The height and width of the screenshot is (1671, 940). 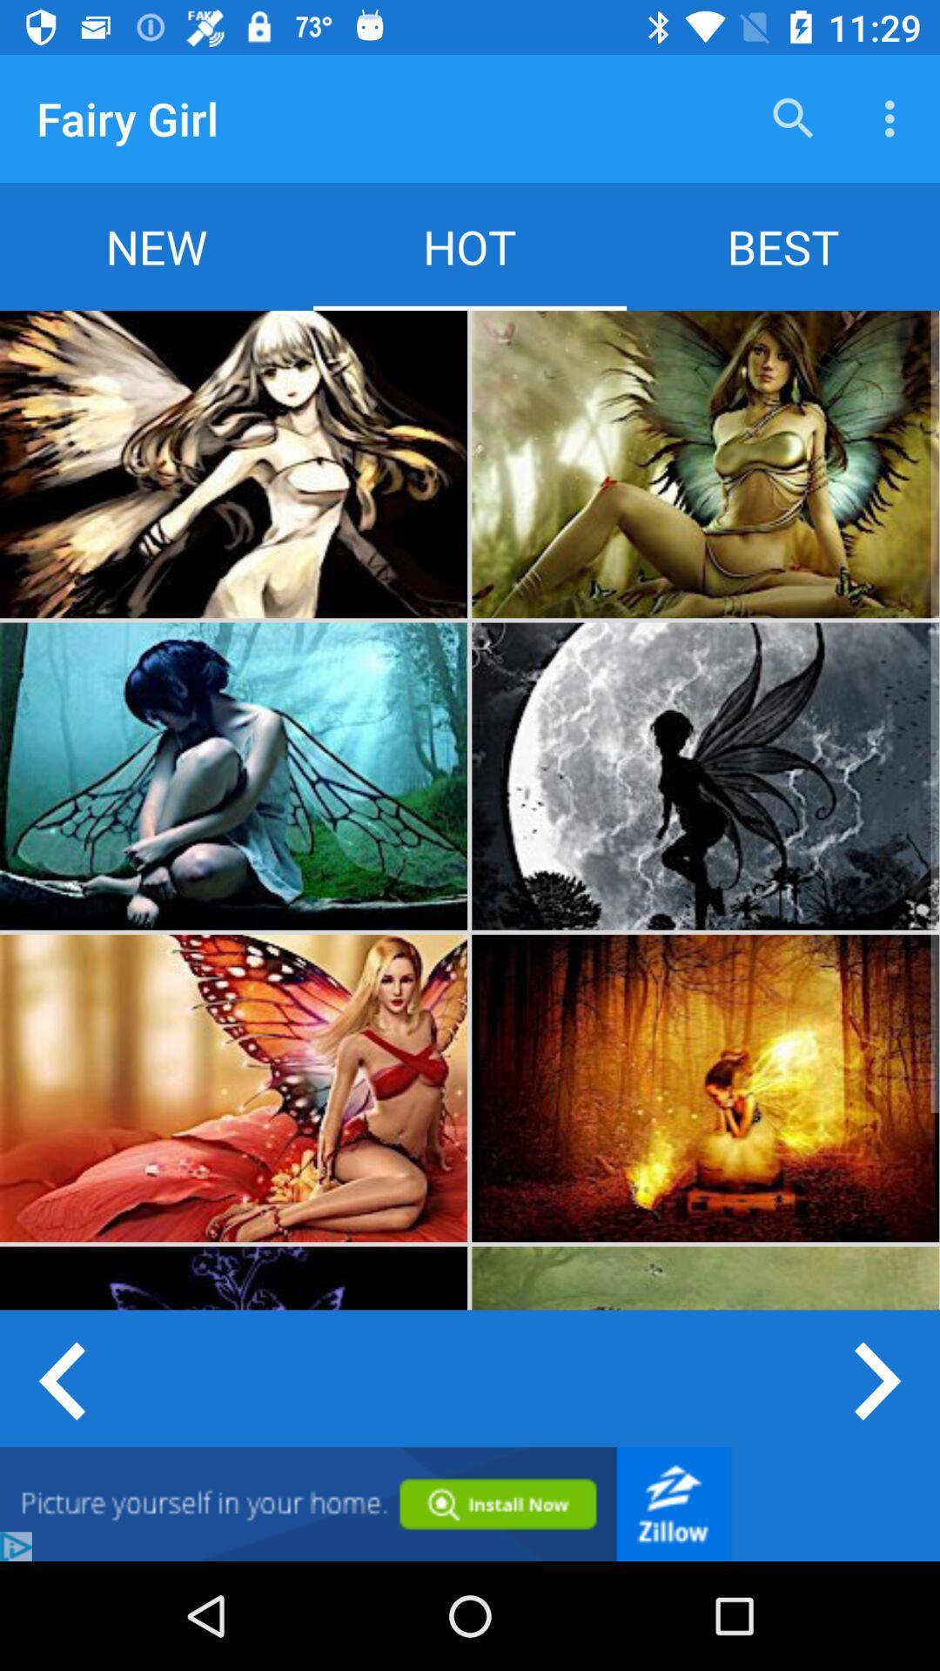 What do you see at coordinates (793, 117) in the screenshot?
I see `item to the right of fairy girl item` at bounding box center [793, 117].